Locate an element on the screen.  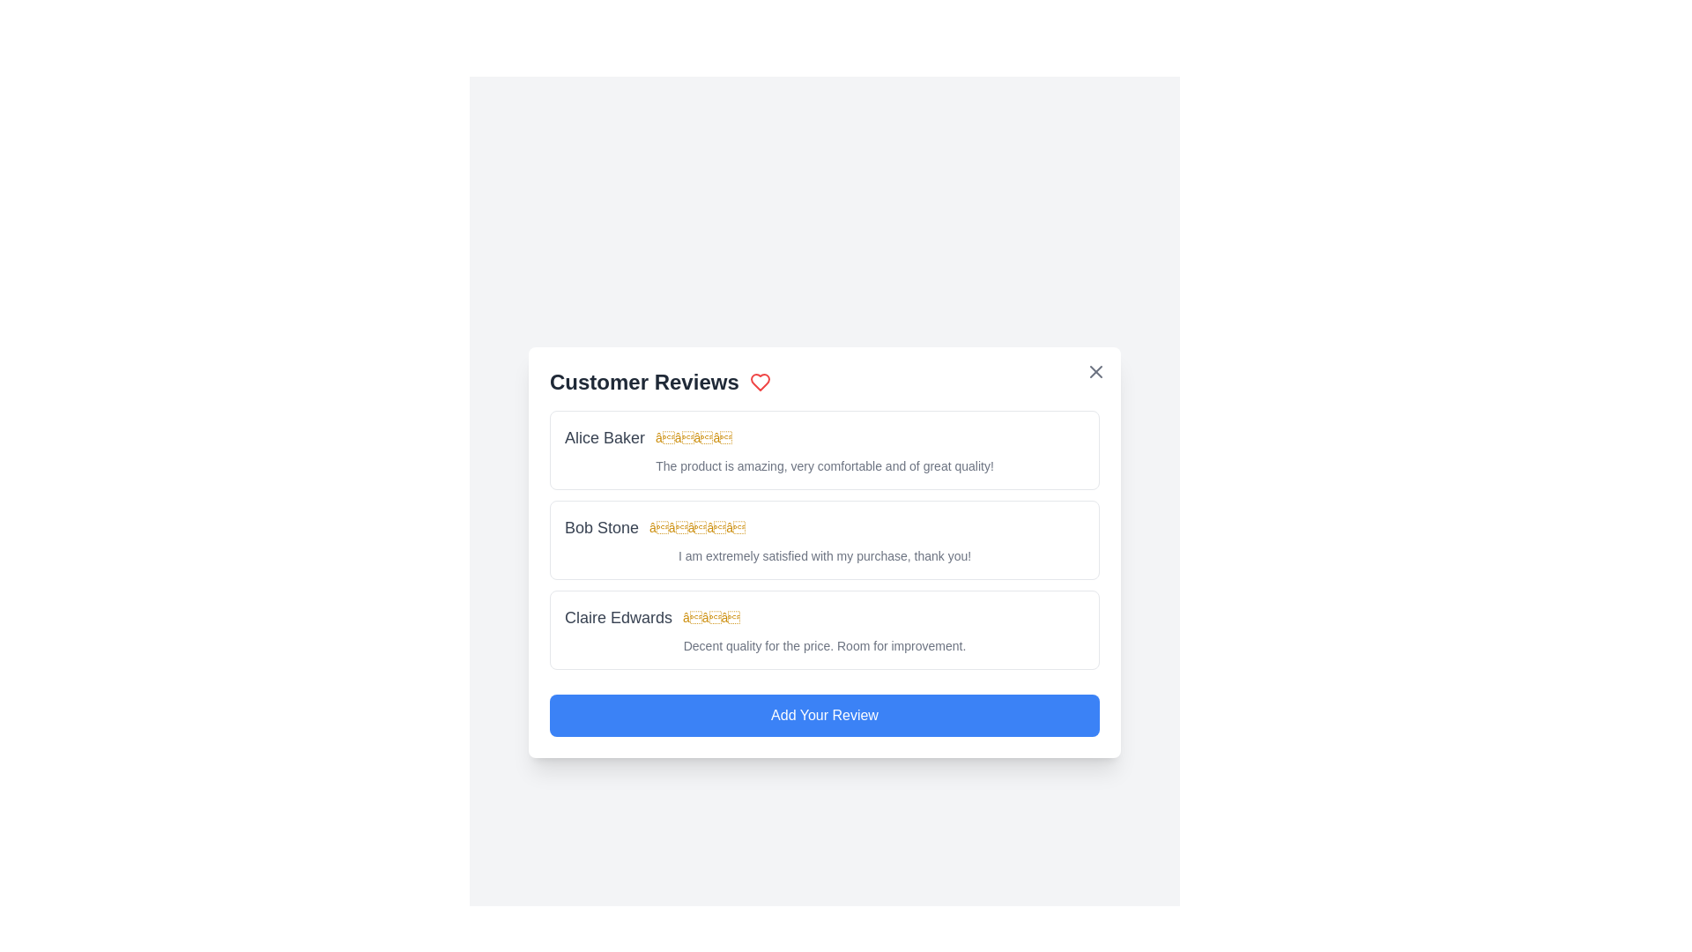
the heart icon to interact with it is located at coordinates (760, 382).